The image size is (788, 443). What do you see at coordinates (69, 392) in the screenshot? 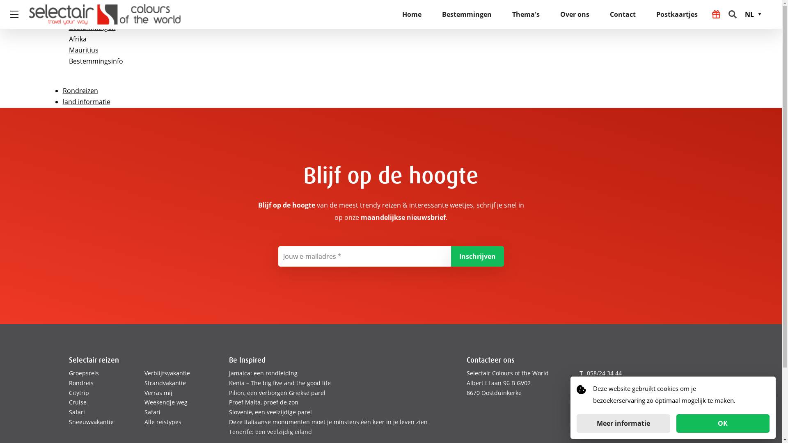
I see `'Citytrip'` at bounding box center [69, 392].